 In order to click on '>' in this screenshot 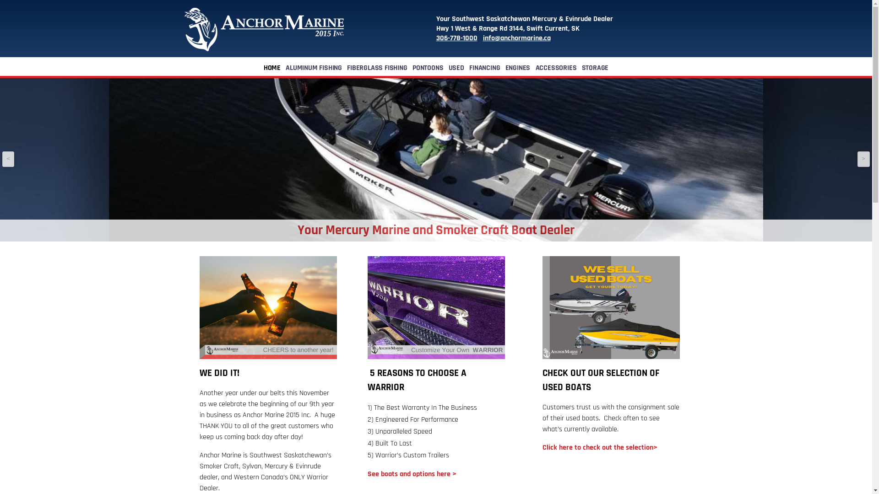, I will do `click(863, 158)`.